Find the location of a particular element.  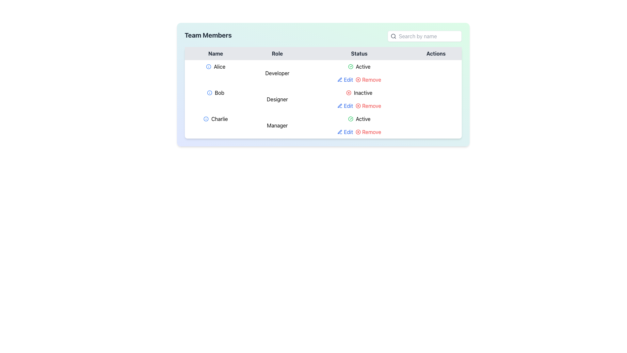

the 'Name' label, which is the first item in the grid header with a grey background and dark text is located at coordinates (216, 53).